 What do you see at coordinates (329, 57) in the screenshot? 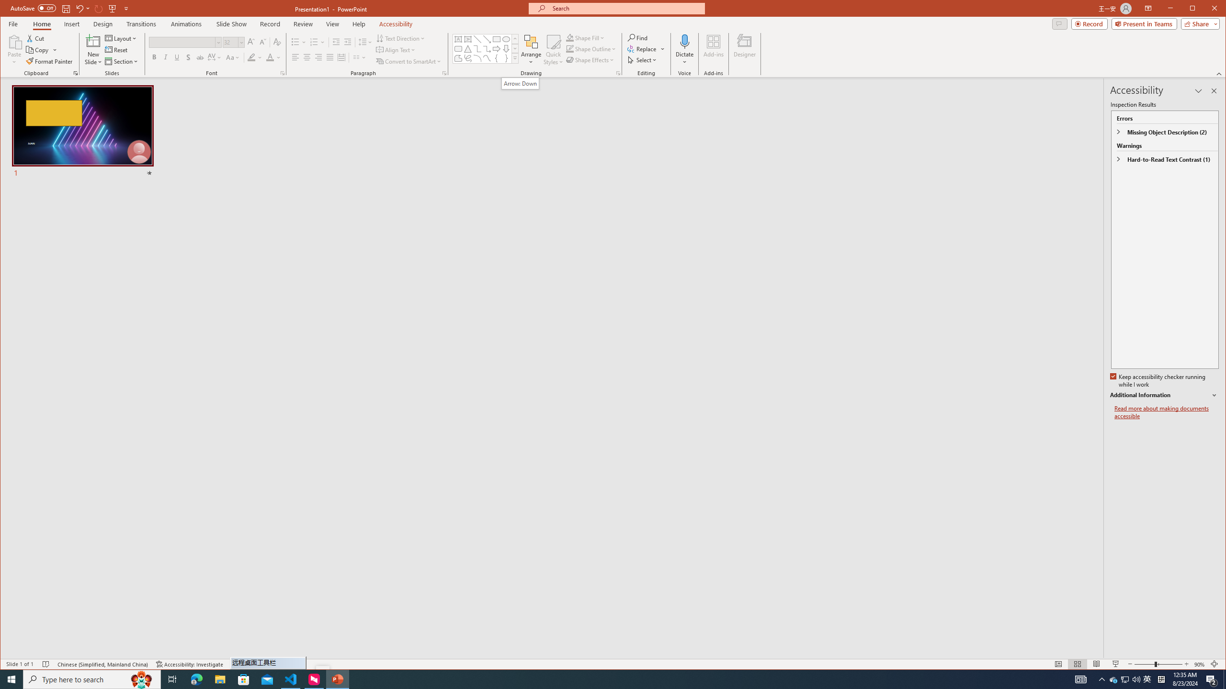
I see `'Justify'` at bounding box center [329, 57].